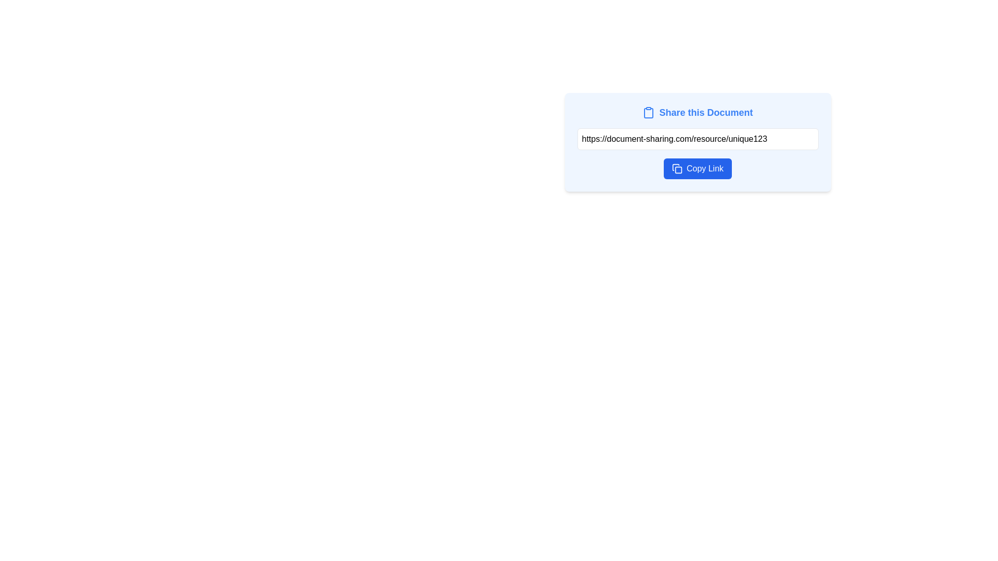 The width and height of the screenshot is (998, 561). Describe the element at coordinates (678, 169) in the screenshot. I see `the rounded rectangle element within the SVG graphic icon located near the bottom left corner of the control card next to the 'Copy Link' blue button` at that location.